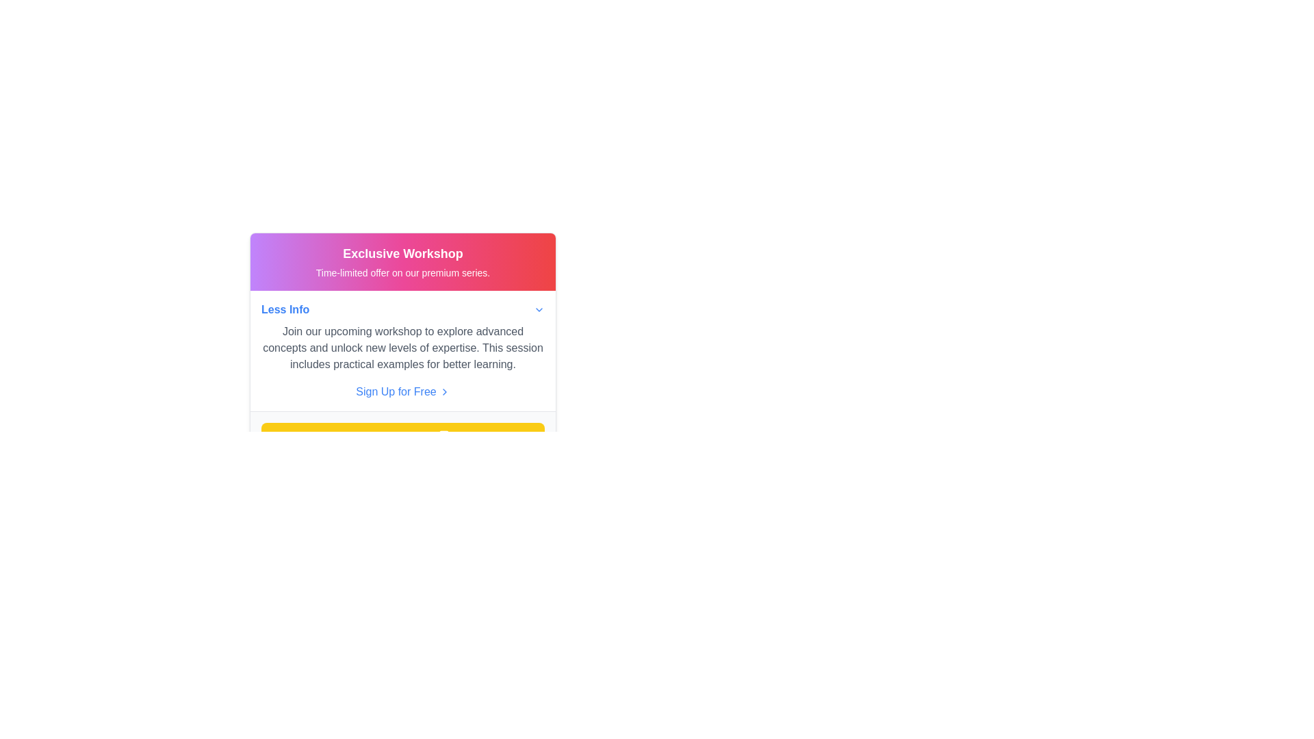 The width and height of the screenshot is (1314, 739). I want to click on the text label styled in bold and large font reading 'Exclusive Workshop', which is prominently displayed in white color on a gradient background, so click(402, 253).